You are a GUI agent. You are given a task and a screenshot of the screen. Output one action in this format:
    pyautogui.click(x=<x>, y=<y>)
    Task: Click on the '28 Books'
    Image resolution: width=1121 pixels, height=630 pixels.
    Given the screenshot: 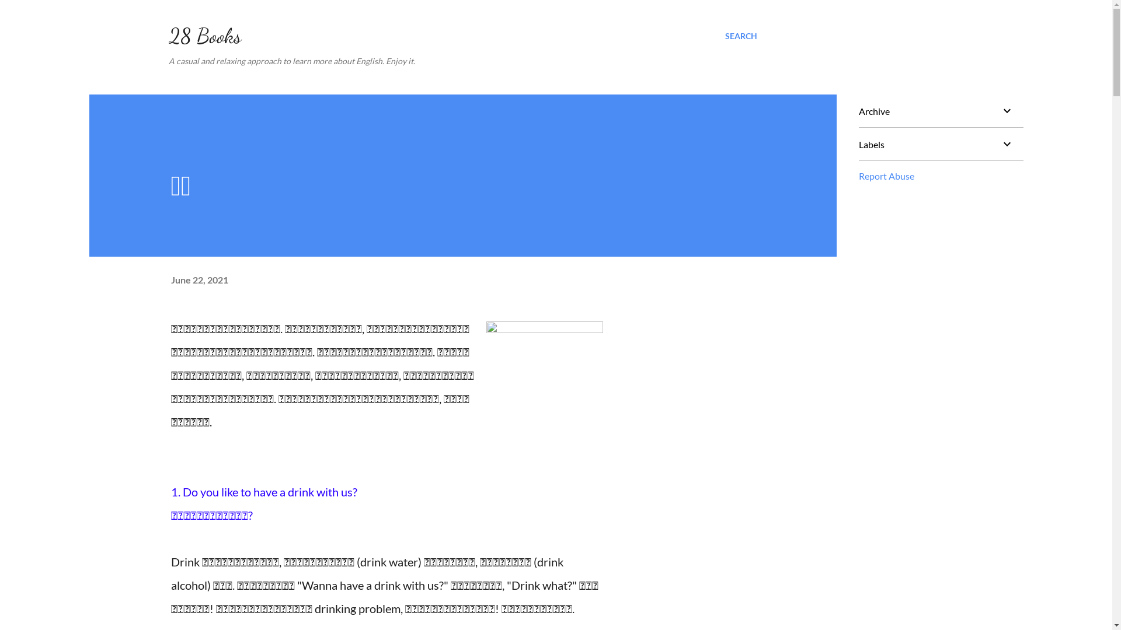 What is the action you would take?
    pyautogui.click(x=204, y=35)
    